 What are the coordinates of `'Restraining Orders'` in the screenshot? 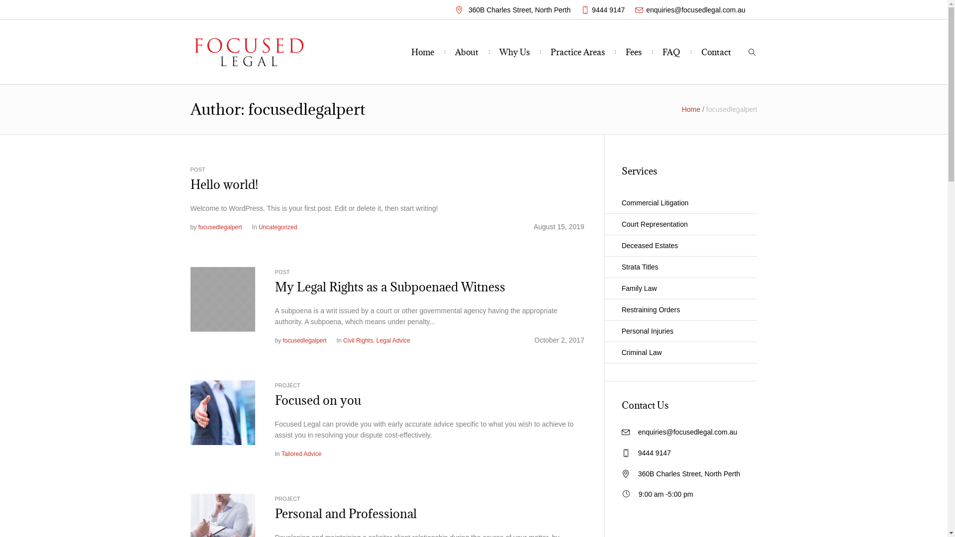 It's located at (680, 309).